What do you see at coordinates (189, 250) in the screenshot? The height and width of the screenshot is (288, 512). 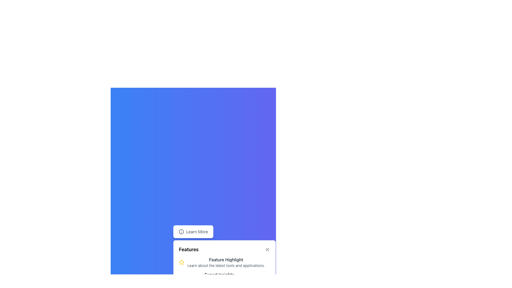 I see `the title label located in the top-left section of the popup, which identifies the content or options presented below it` at bounding box center [189, 250].